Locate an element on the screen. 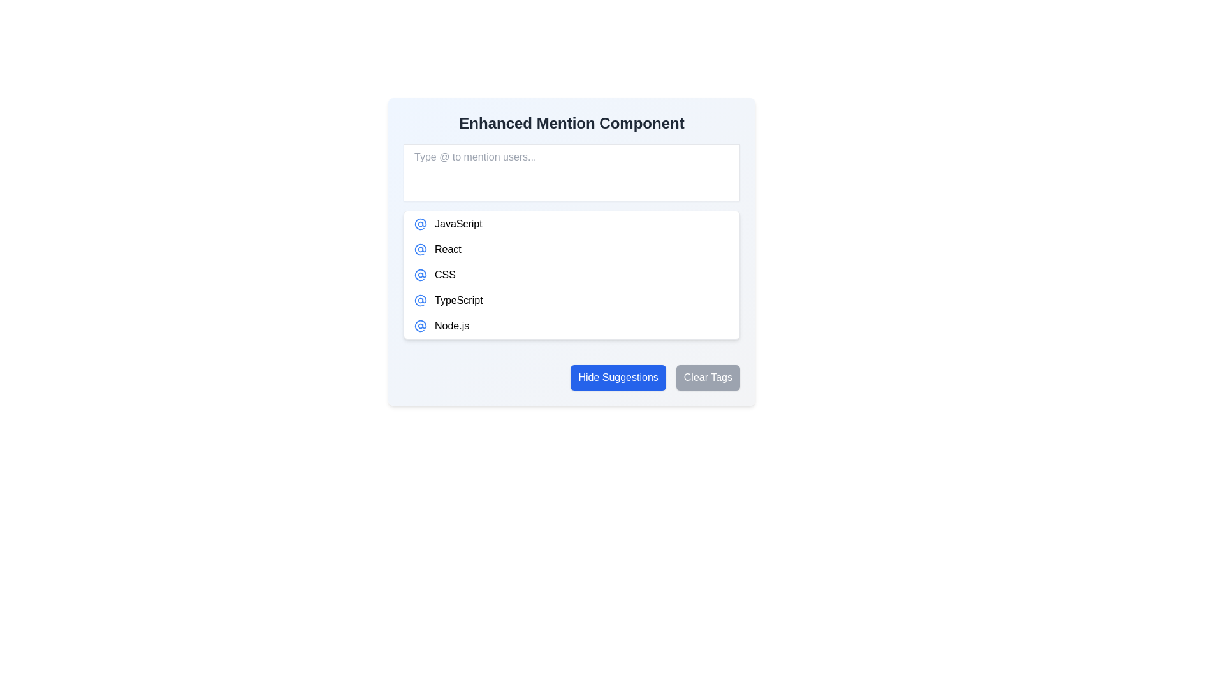  the circular blue '@' icon in the dropdown suggestion list is located at coordinates (421, 250).